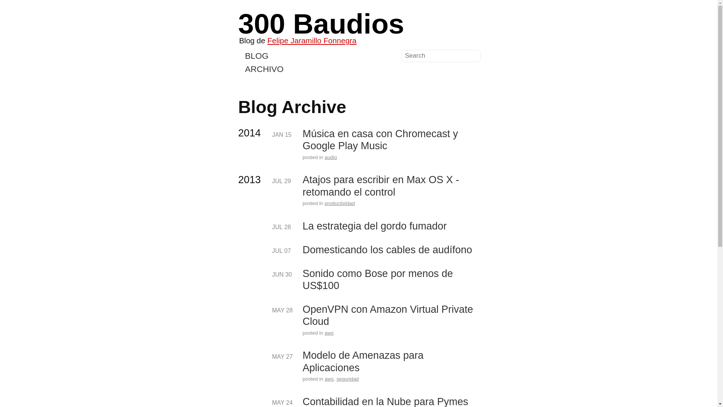 The height and width of the screenshot is (407, 723). Describe the element at coordinates (331, 157) in the screenshot. I see `'audio'` at that location.